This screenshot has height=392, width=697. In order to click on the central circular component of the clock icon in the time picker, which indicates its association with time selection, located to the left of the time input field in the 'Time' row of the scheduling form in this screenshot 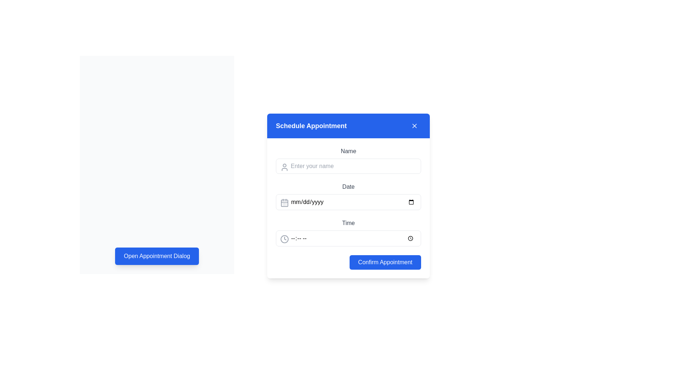, I will do `click(284, 239)`.